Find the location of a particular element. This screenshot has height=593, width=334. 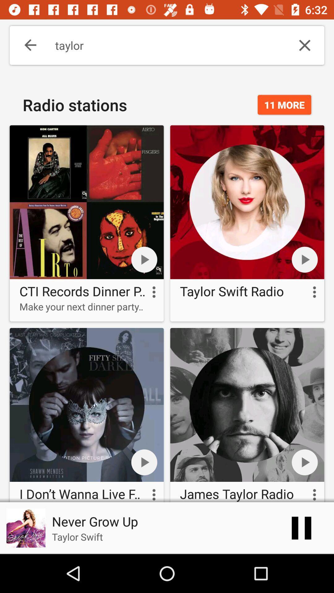

fourth image under radio stations is located at coordinates (247, 414).